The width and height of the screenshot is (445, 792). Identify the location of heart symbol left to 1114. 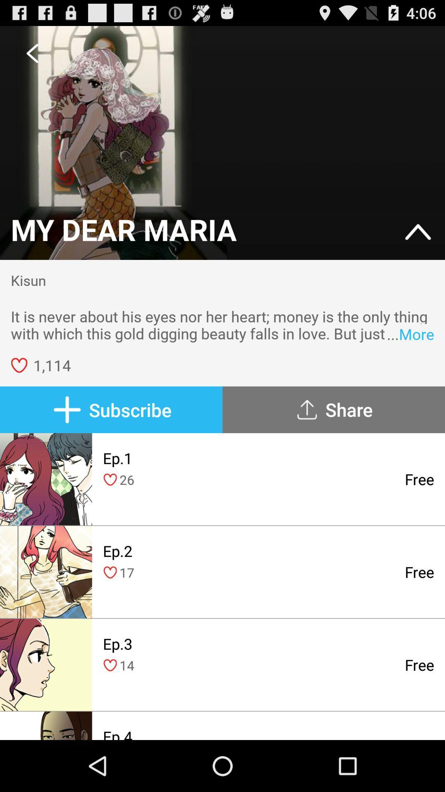
(19, 365).